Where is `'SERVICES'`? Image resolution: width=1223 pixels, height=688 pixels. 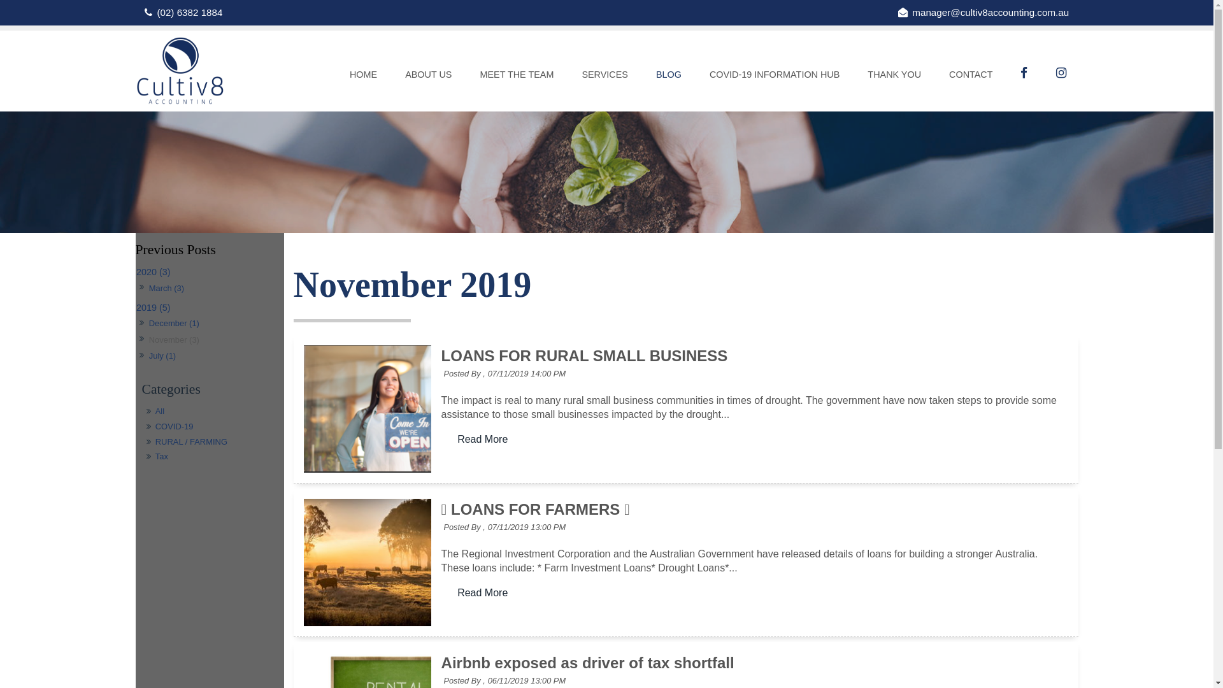
'SERVICES' is located at coordinates (604, 76).